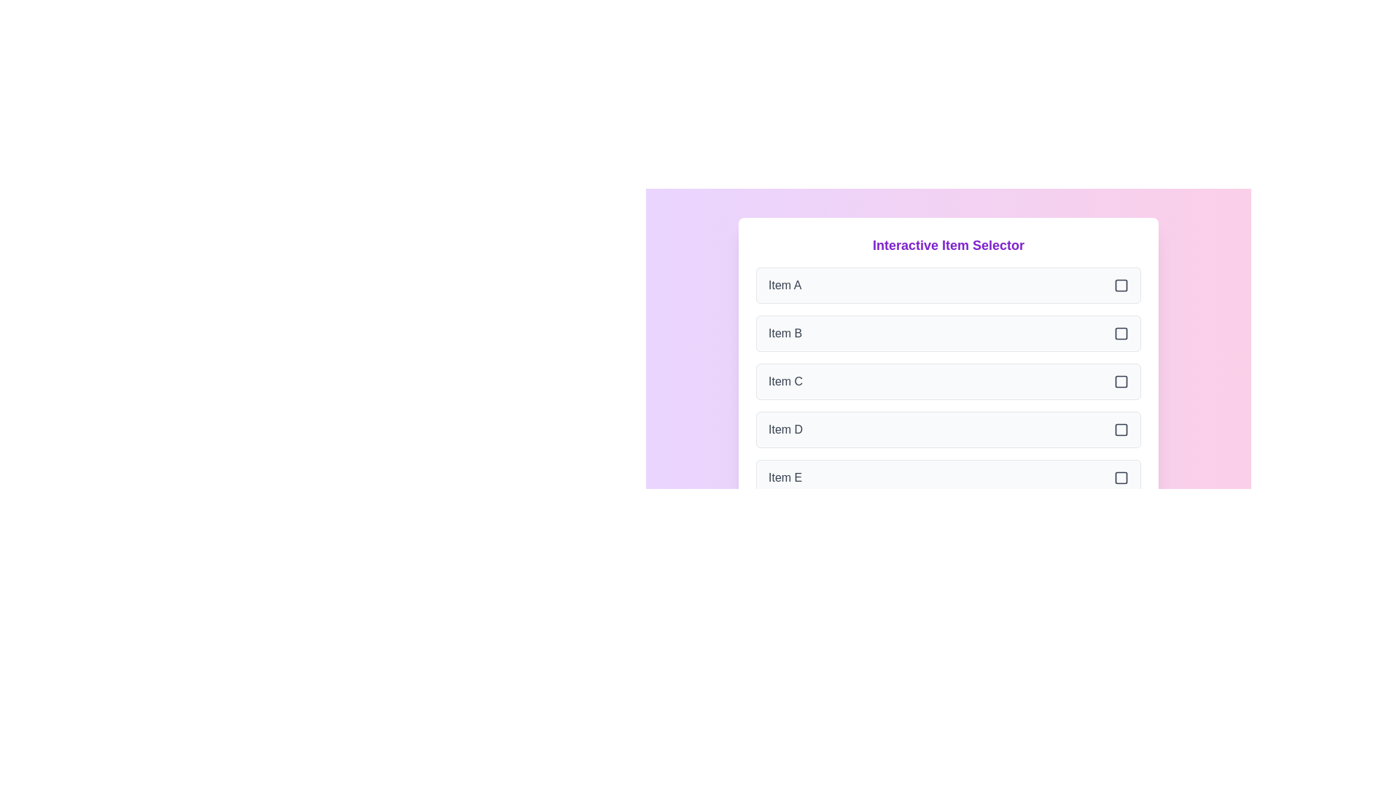 This screenshot has width=1400, height=787. What do you see at coordinates (948, 477) in the screenshot?
I see `the item Item E to observe its hover effect` at bounding box center [948, 477].